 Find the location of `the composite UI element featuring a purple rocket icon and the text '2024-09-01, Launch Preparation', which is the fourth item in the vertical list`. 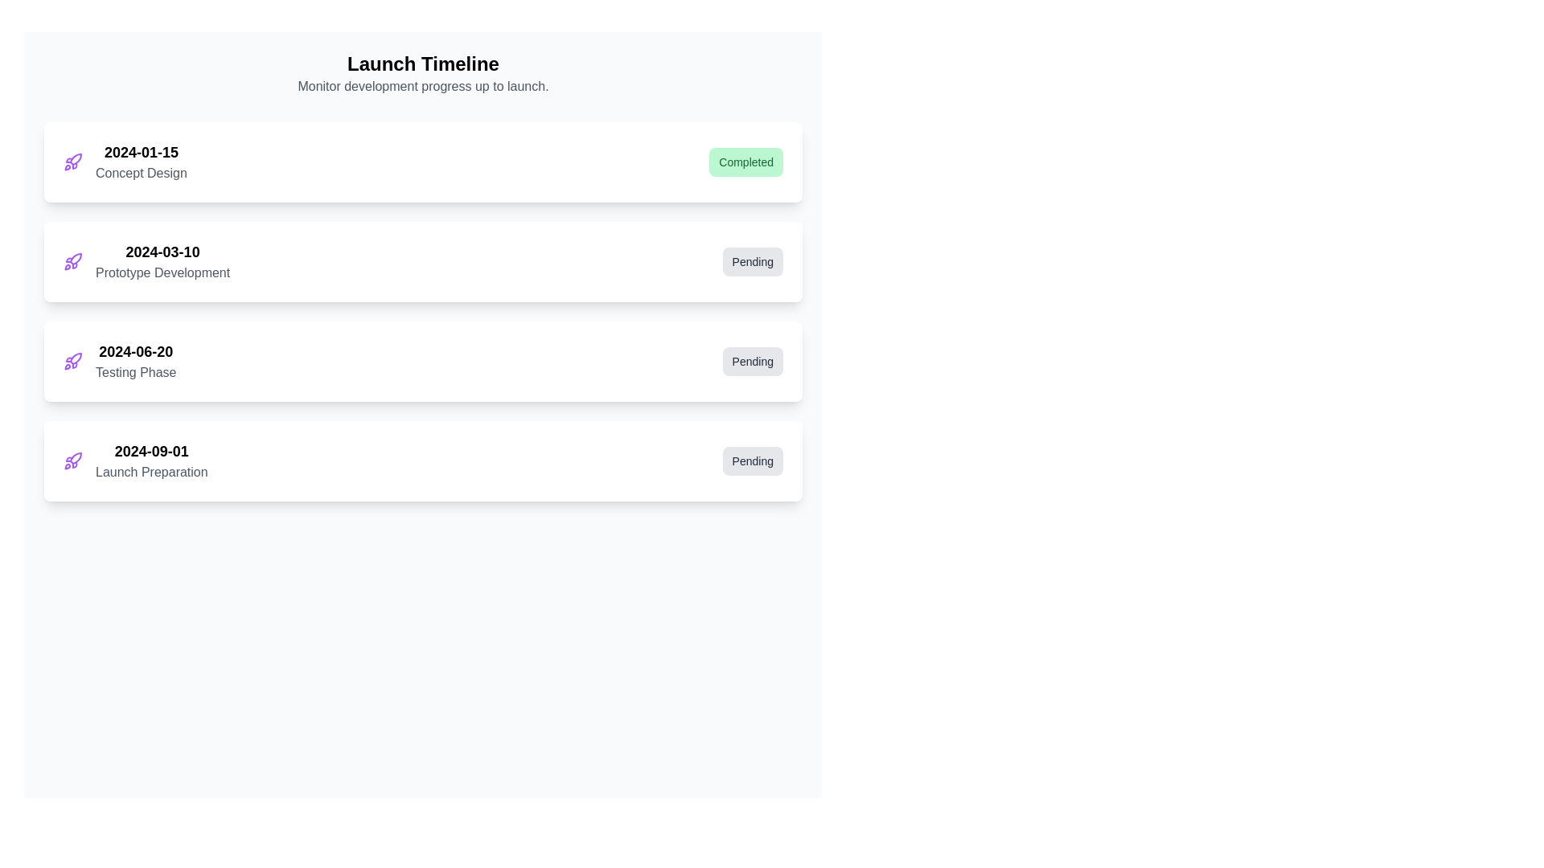

the composite UI element featuring a purple rocket icon and the text '2024-09-01, Launch Preparation', which is the fourth item in the vertical list is located at coordinates (135, 461).